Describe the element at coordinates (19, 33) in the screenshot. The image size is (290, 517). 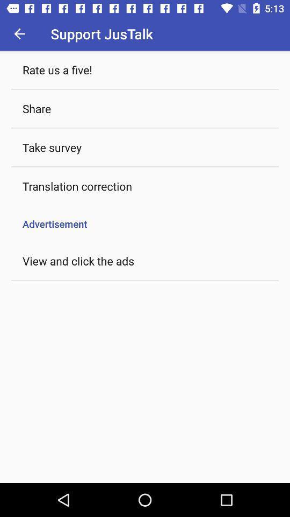
I see `the icon next to the support justalk` at that location.